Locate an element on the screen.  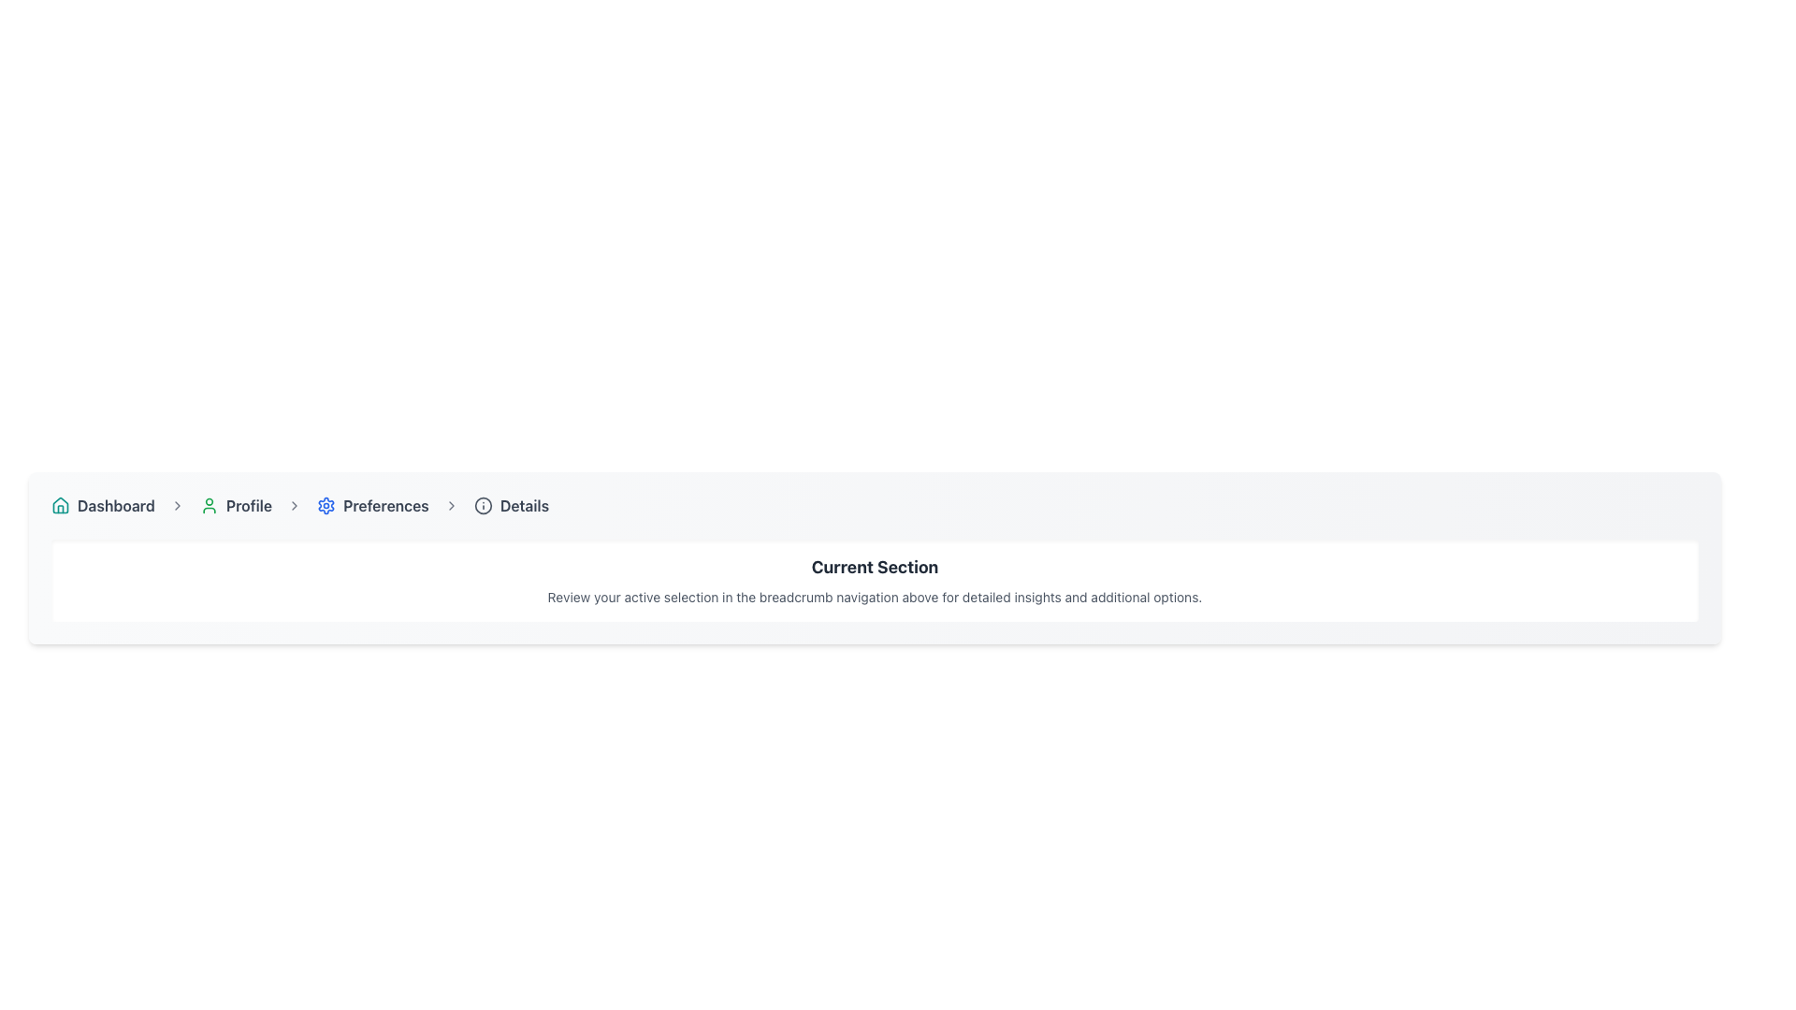
the right arrow icon in the breadcrumb navigation bar, which is located between the 'Preferences' and 'Details' text links is located at coordinates (451, 505).